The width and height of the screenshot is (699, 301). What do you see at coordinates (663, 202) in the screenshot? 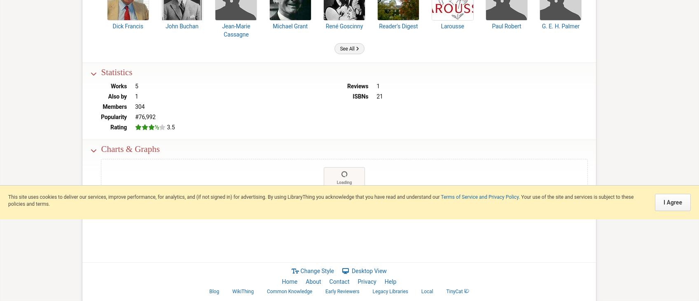
I see `'I Agree'` at bounding box center [663, 202].